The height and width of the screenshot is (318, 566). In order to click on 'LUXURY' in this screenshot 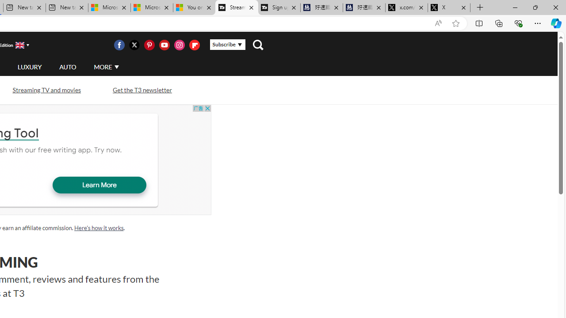, I will do `click(29, 66)`.